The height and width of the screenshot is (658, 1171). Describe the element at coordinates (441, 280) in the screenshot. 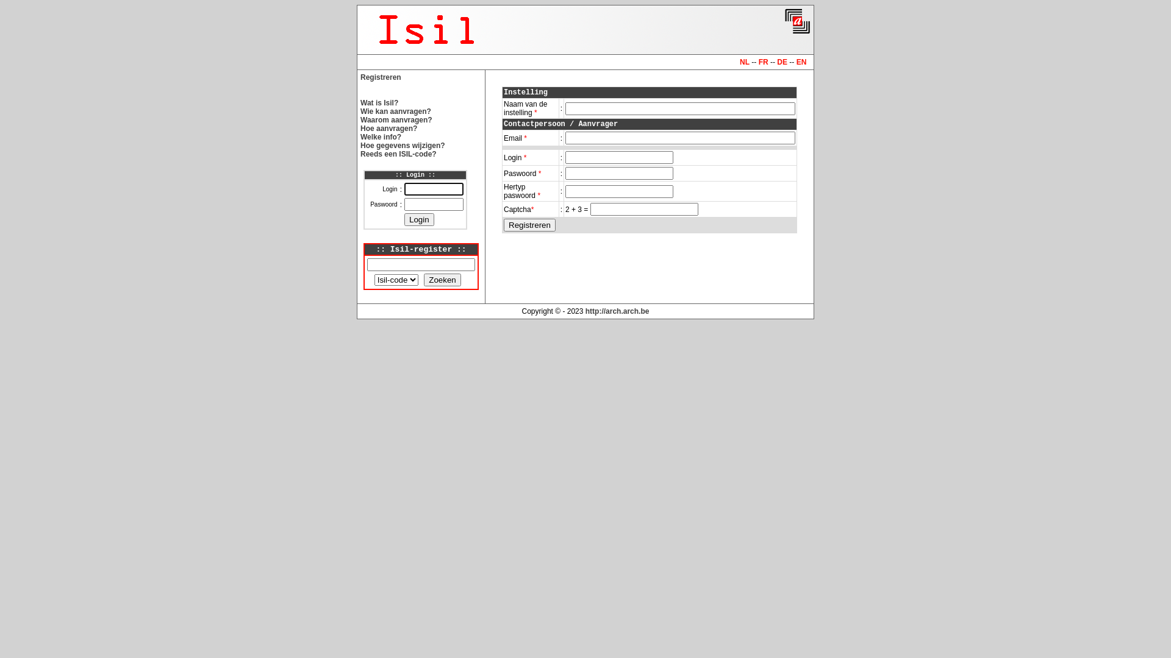

I see `'Zoeken'` at that location.